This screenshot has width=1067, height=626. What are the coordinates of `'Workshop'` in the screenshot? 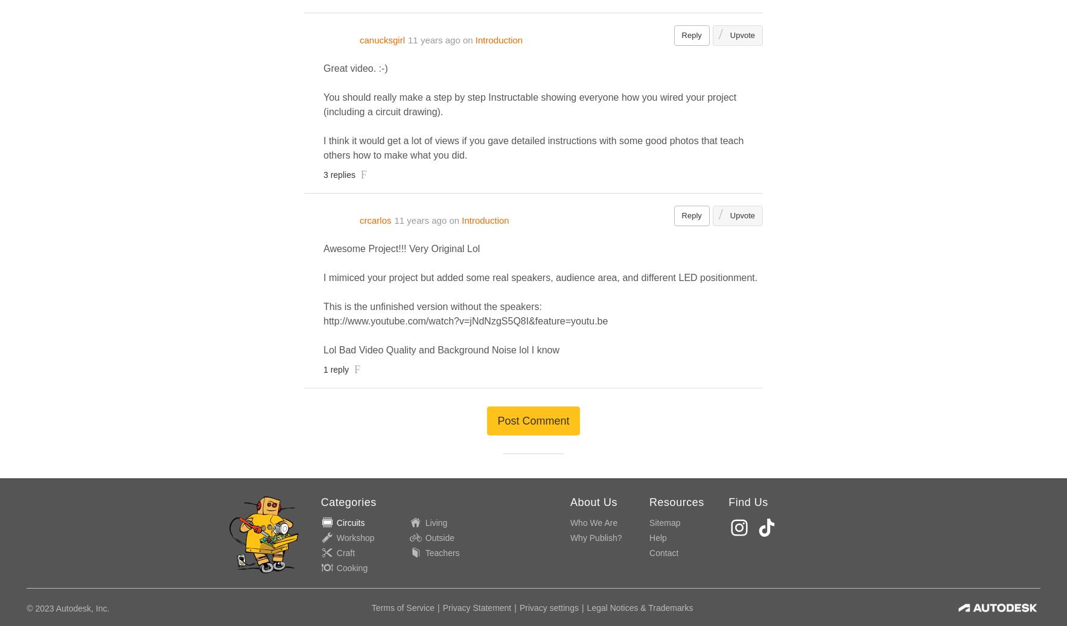 It's located at (335, 537).